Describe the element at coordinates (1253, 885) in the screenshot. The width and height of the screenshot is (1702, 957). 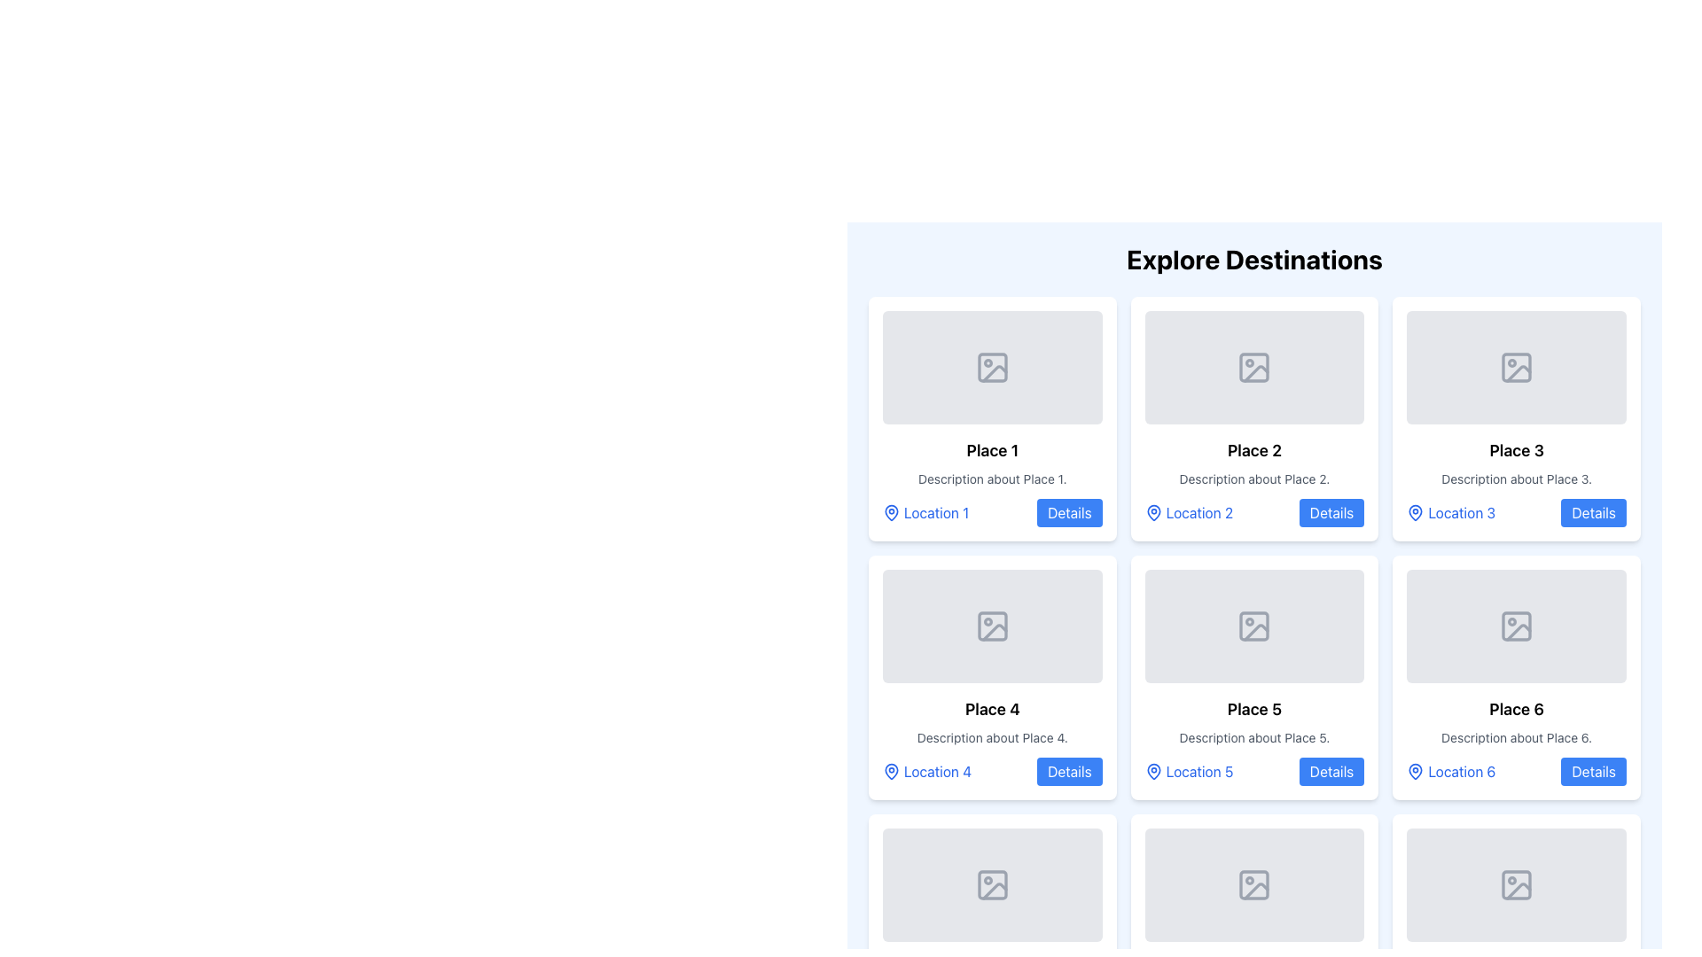
I see `the Icon (placeholder) that indicates the absence of an image, located in the second column of the second row of the grid layout for 'Place 5'` at that location.